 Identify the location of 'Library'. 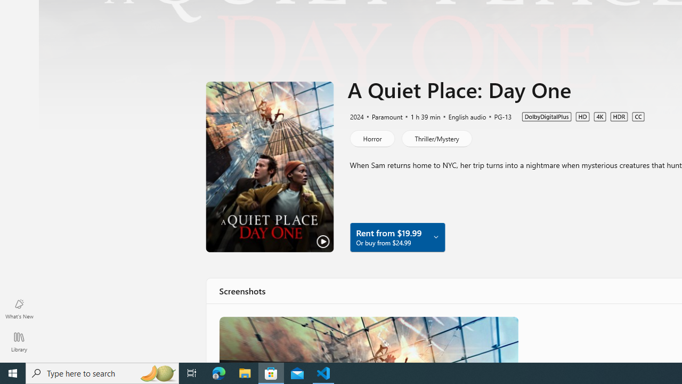
(19, 341).